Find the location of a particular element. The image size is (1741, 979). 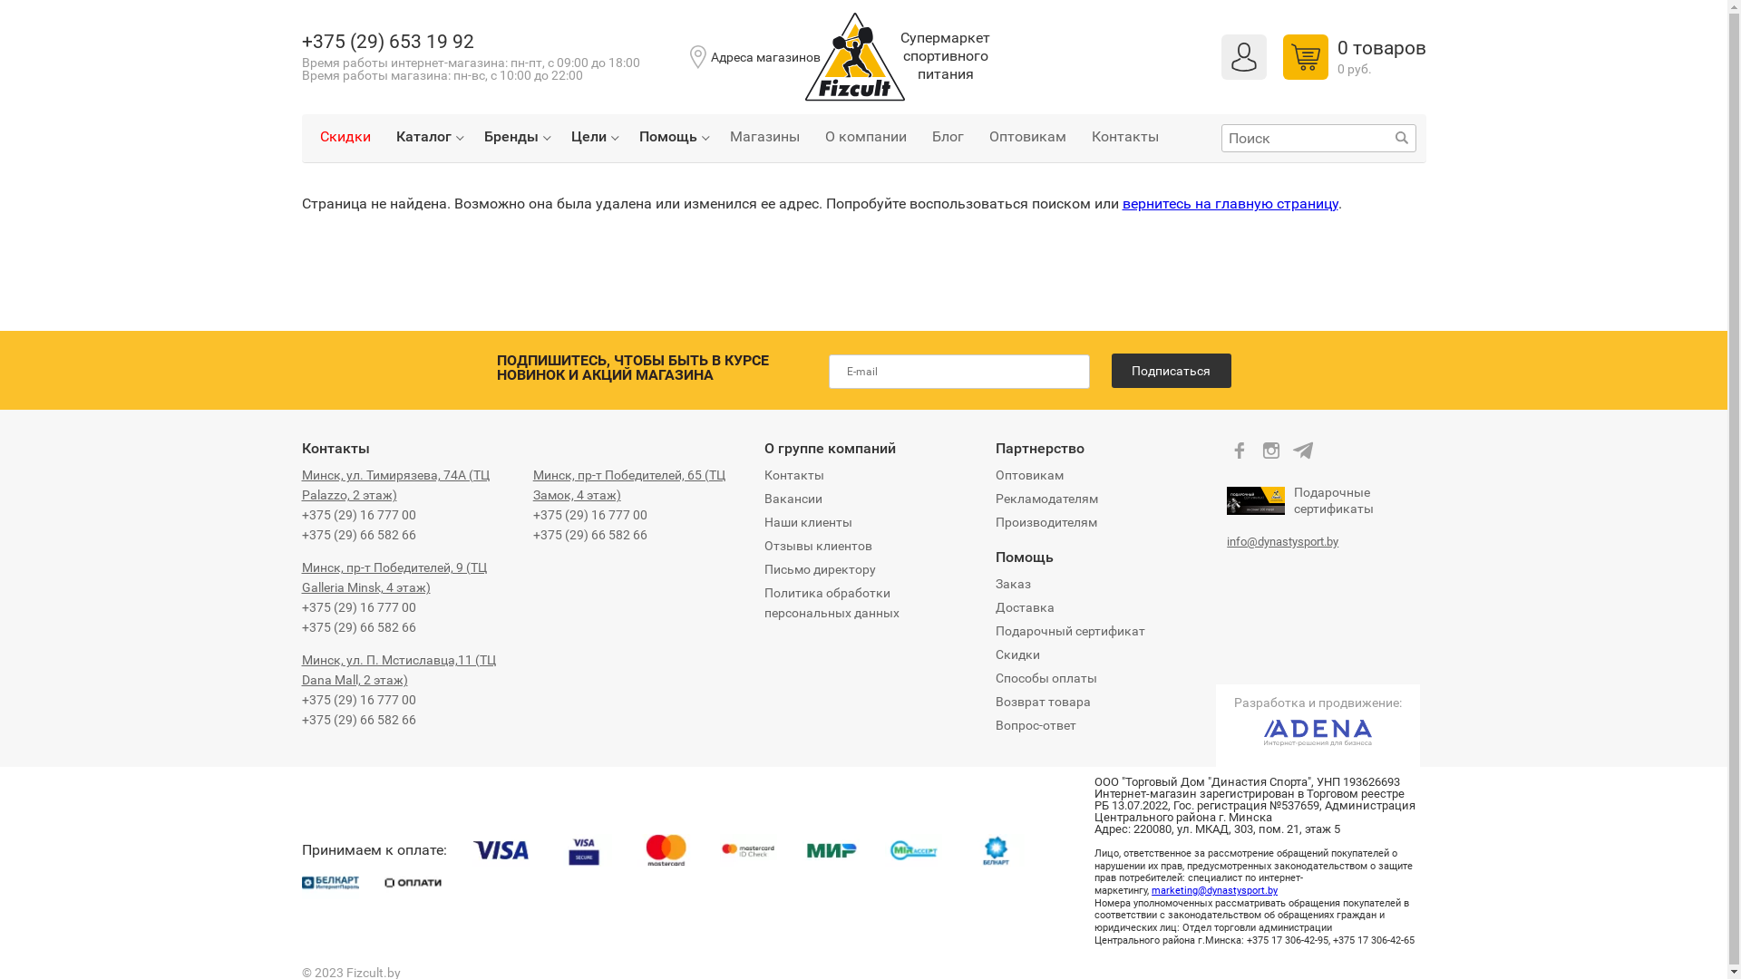

'info@dynastysport.by' is located at coordinates (1281, 540).